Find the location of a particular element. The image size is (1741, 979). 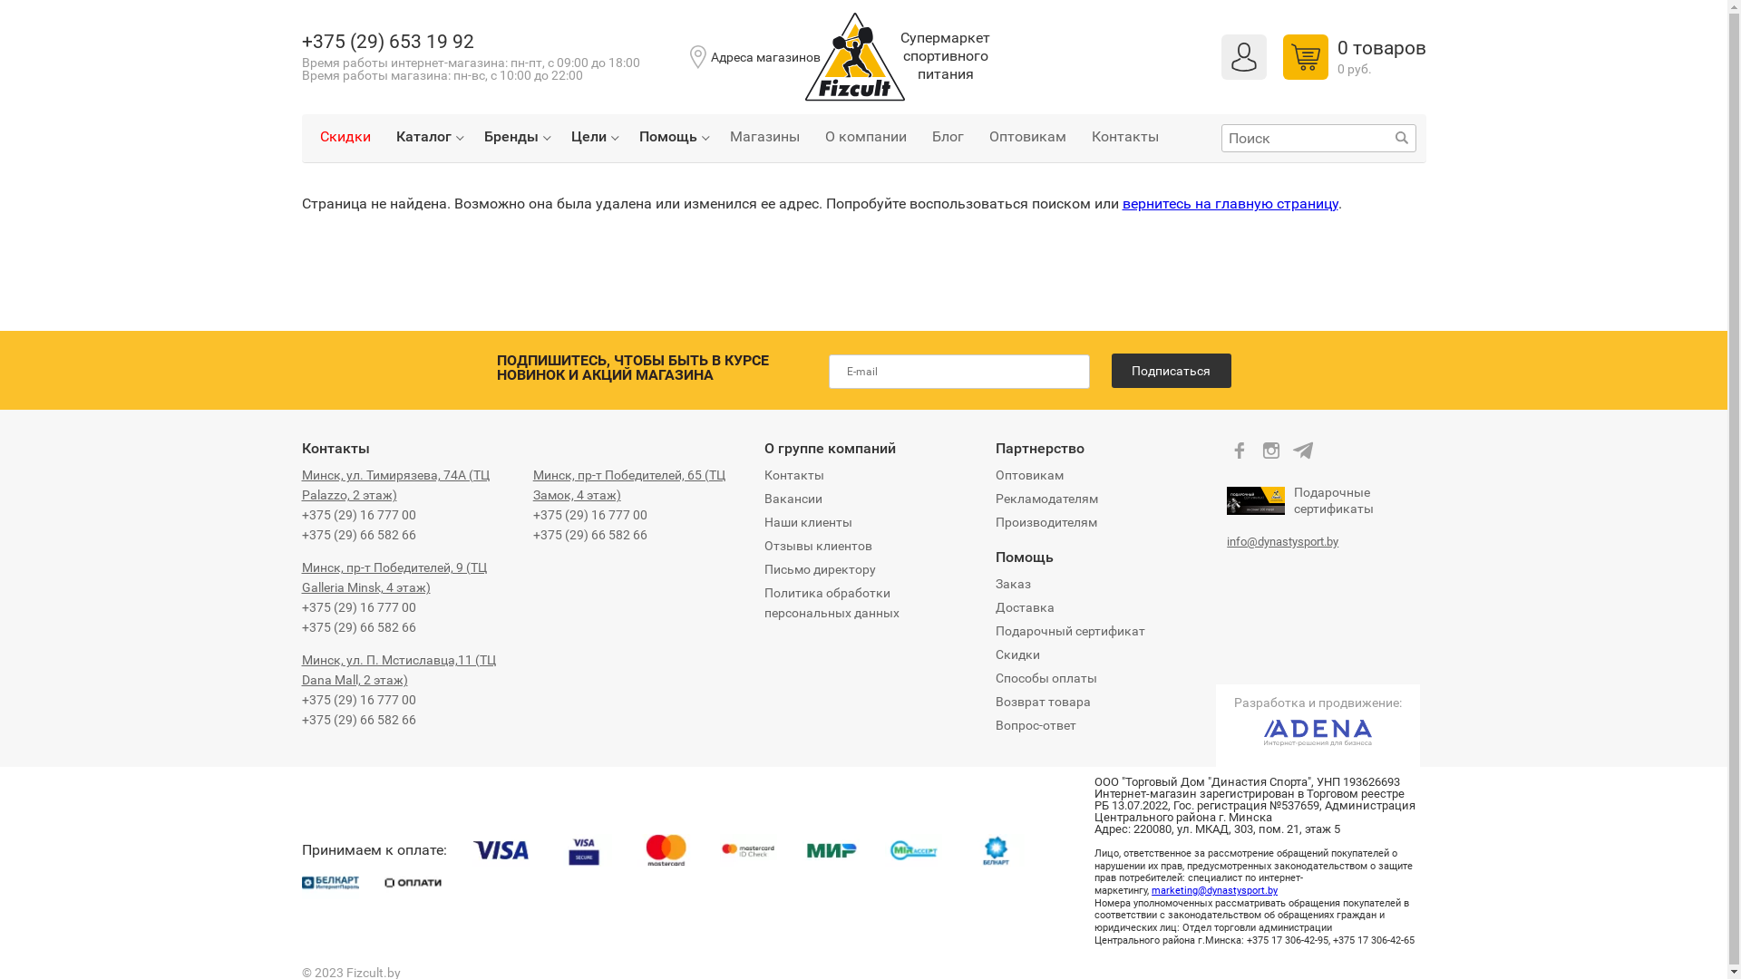

'info@dynastysport.by' is located at coordinates (1281, 540).